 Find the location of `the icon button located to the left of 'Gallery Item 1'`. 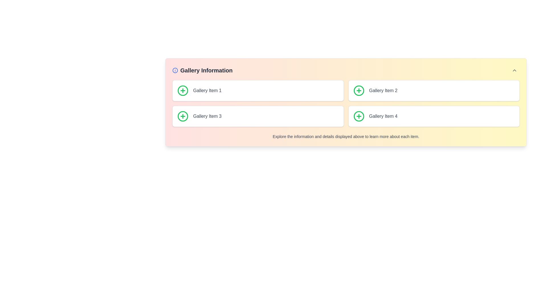

the icon button located to the left of 'Gallery Item 1' is located at coordinates (183, 90).